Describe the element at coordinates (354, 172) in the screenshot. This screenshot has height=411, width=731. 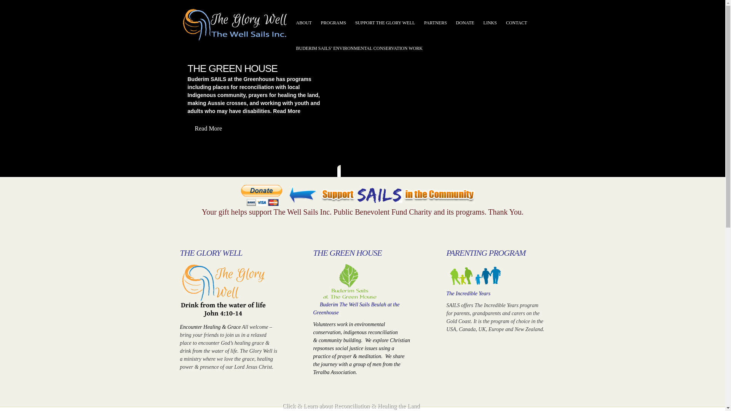
I see `'2'` at that location.